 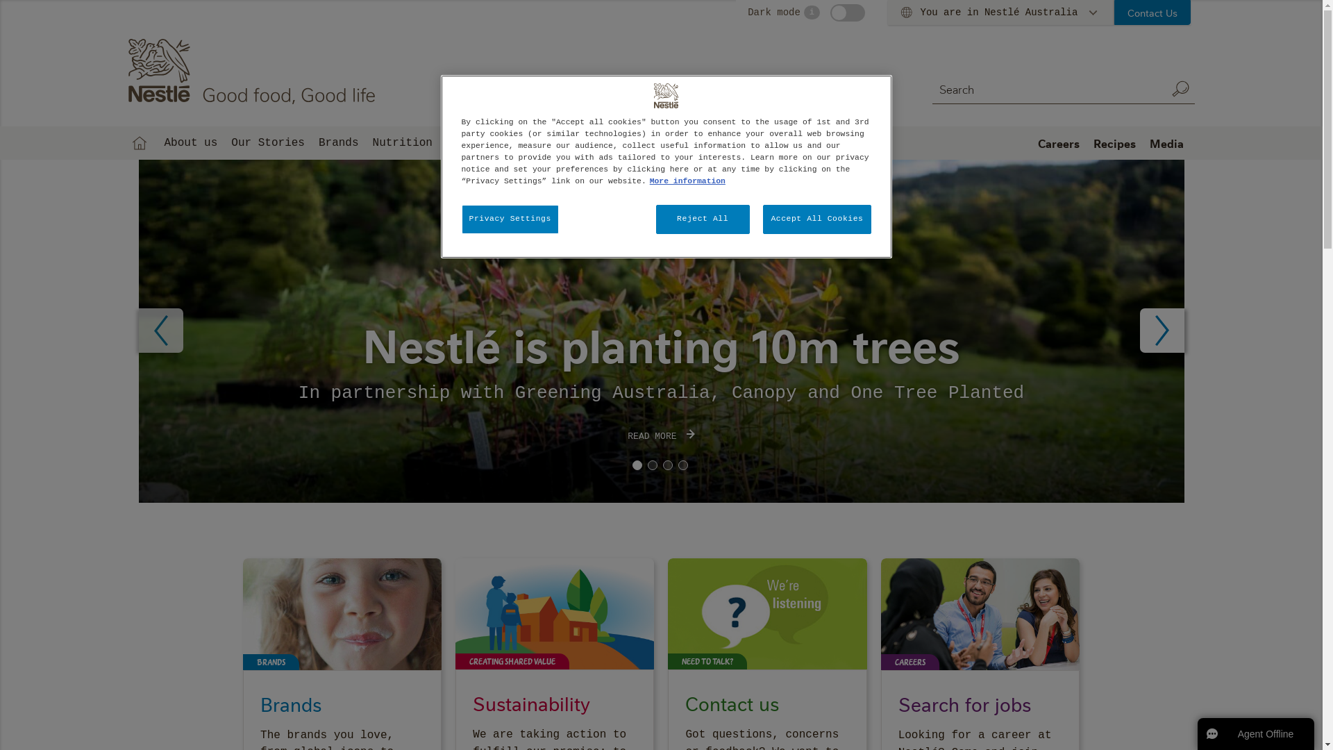 I want to click on '3', so click(x=666, y=465).